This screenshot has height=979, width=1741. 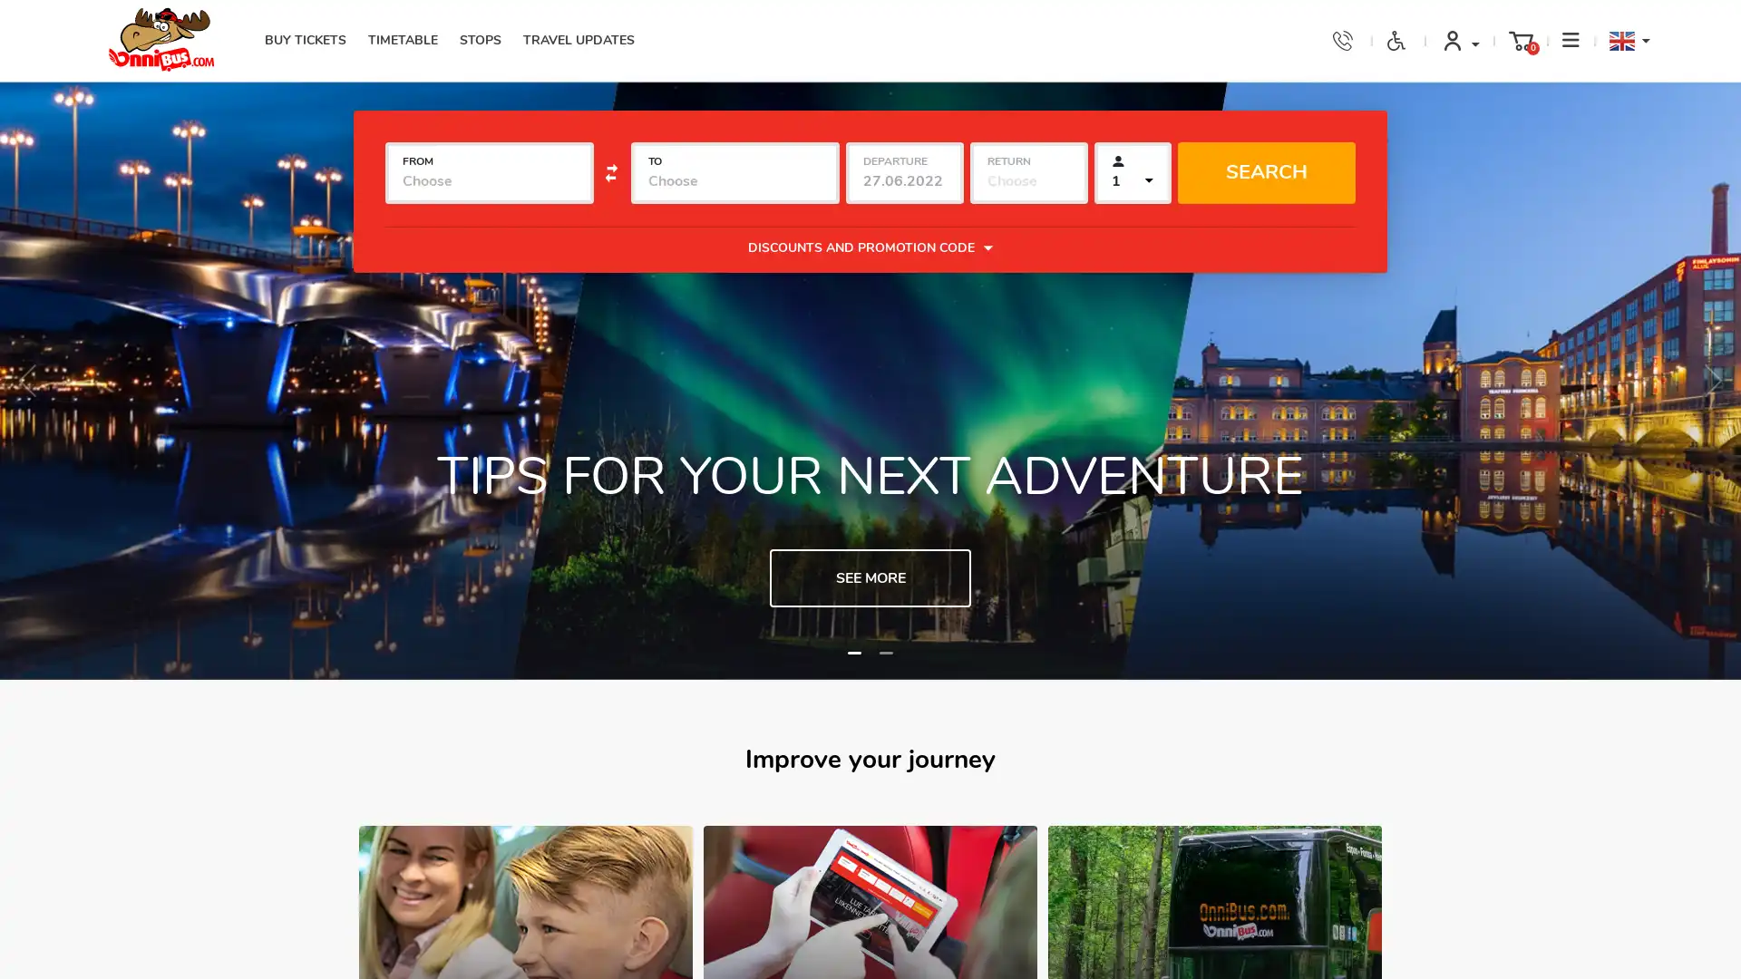 I want to click on SEARCH, so click(x=1265, y=173).